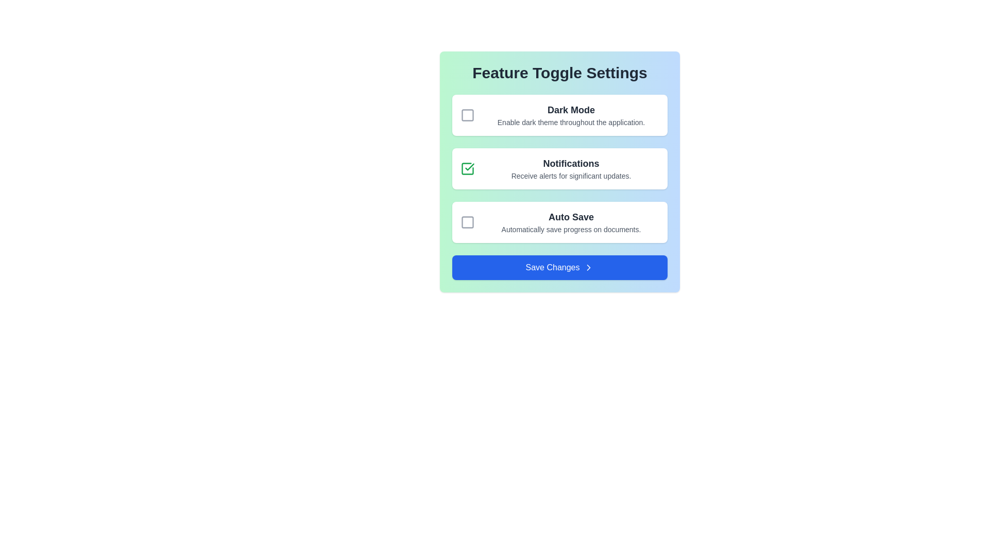 The height and width of the screenshot is (556, 989). What do you see at coordinates (570, 229) in the screenshot?
I see `the text label that reads 'Automatically save progress on documents.' located below the 'Auto Save' title in the settings panel` at bounding box center [570, 229].